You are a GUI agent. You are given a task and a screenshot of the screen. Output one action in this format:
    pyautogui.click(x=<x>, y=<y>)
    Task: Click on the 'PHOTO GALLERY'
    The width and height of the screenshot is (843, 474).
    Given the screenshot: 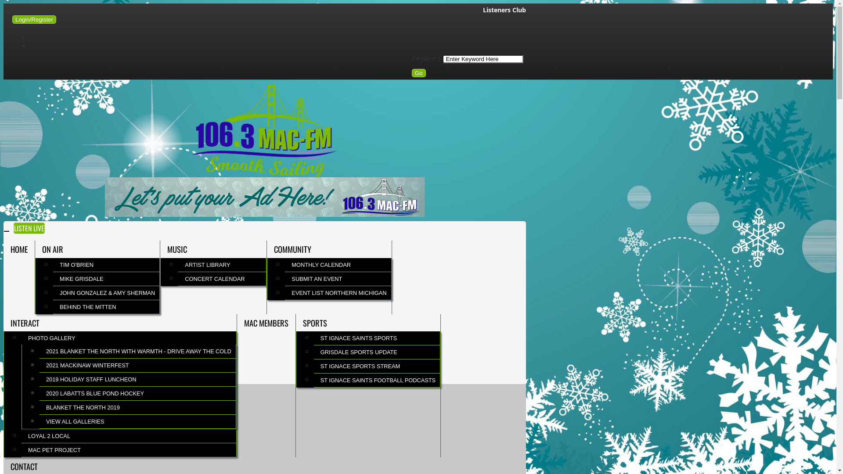 What is the action you would take?
    pyautogui.click(x=21, y=338)
    